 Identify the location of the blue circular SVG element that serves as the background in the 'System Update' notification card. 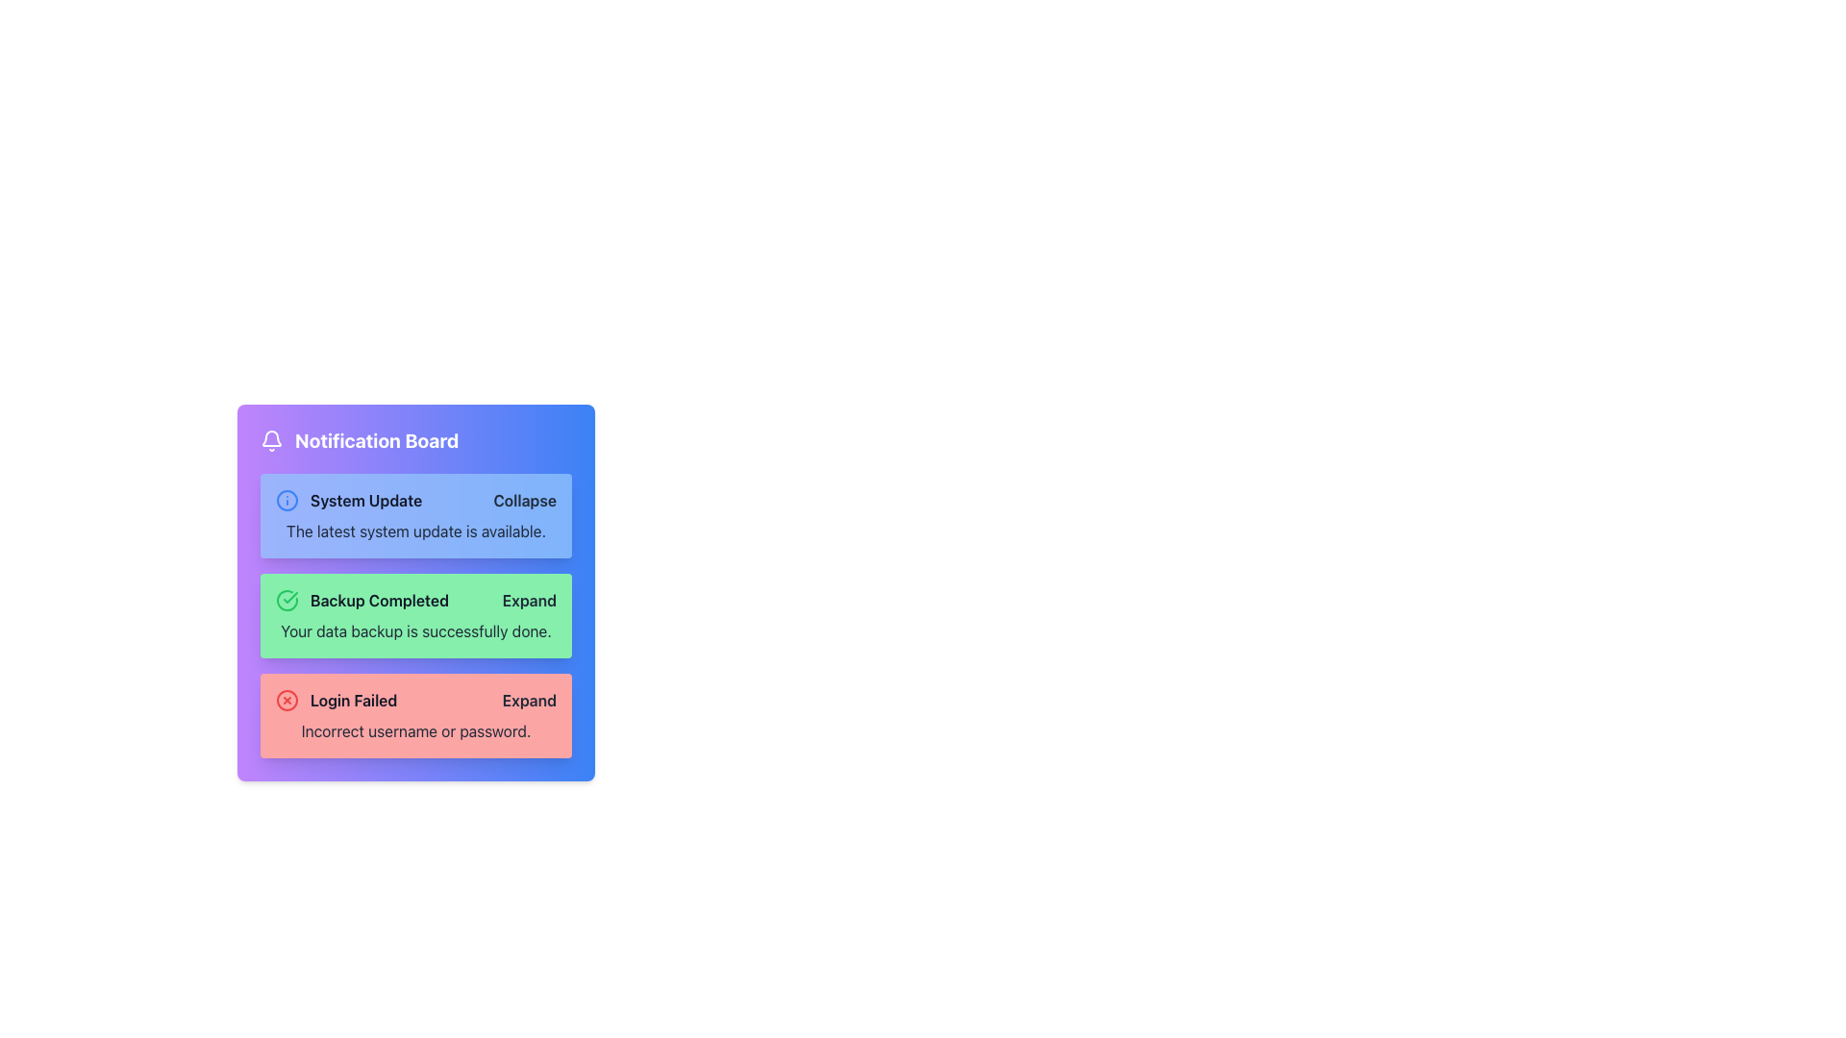
(286, 499).